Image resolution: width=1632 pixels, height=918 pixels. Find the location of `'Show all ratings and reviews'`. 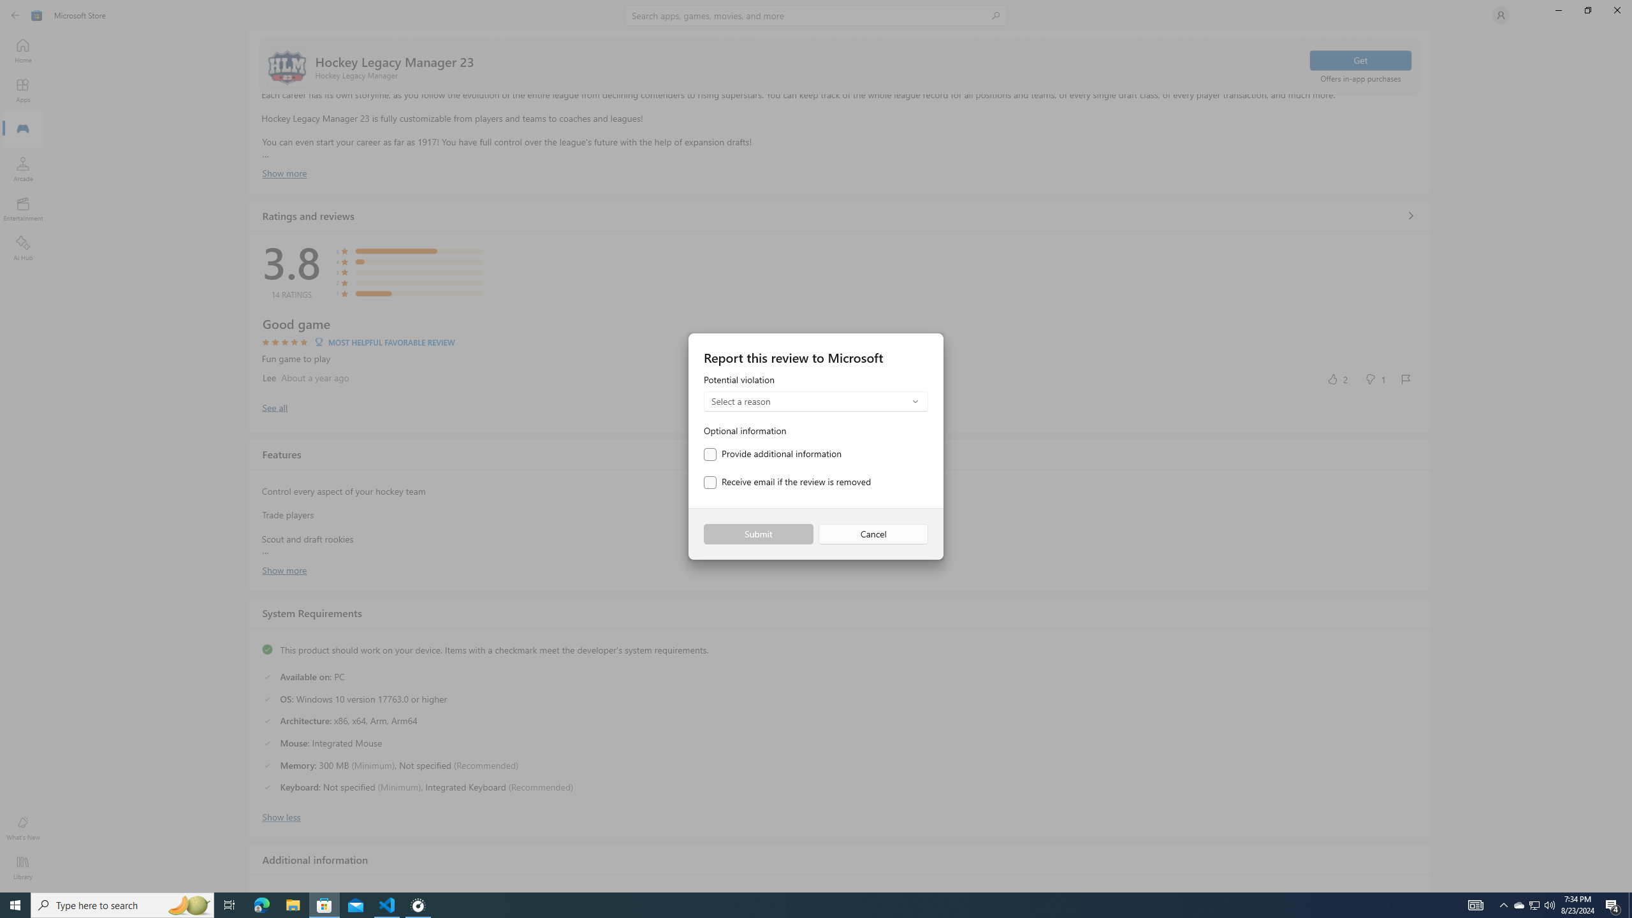

'Show all ratings and reviews' is located at coordinates (273, 406).